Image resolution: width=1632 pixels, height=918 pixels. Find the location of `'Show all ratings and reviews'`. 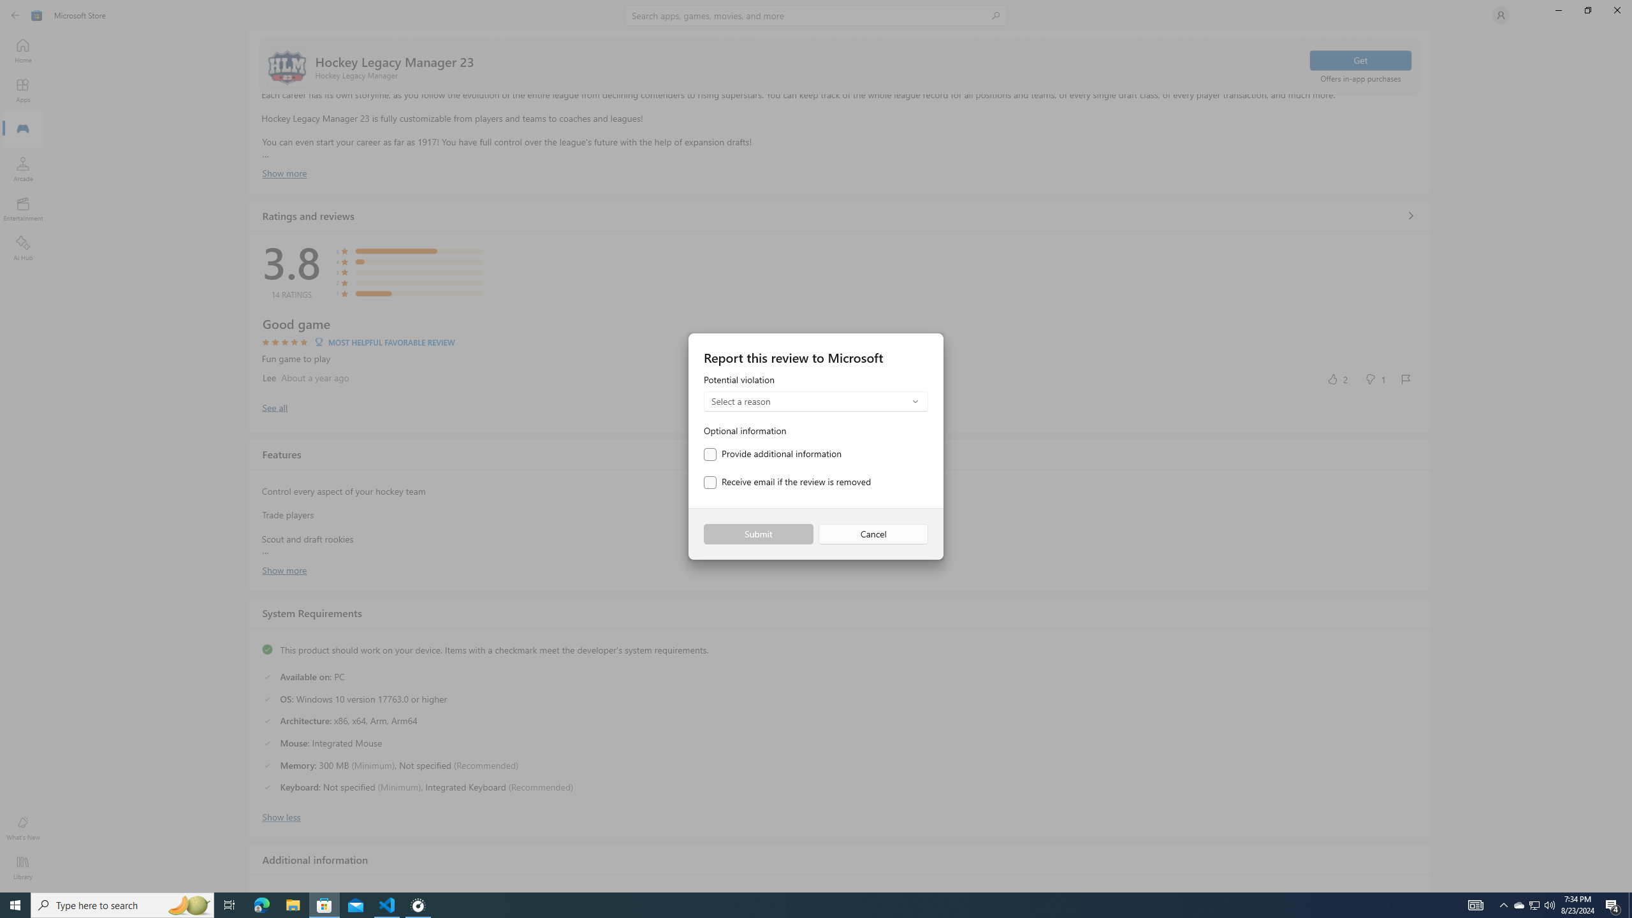

'Show all ratings and reviews' is located at coordinates (273, 406).